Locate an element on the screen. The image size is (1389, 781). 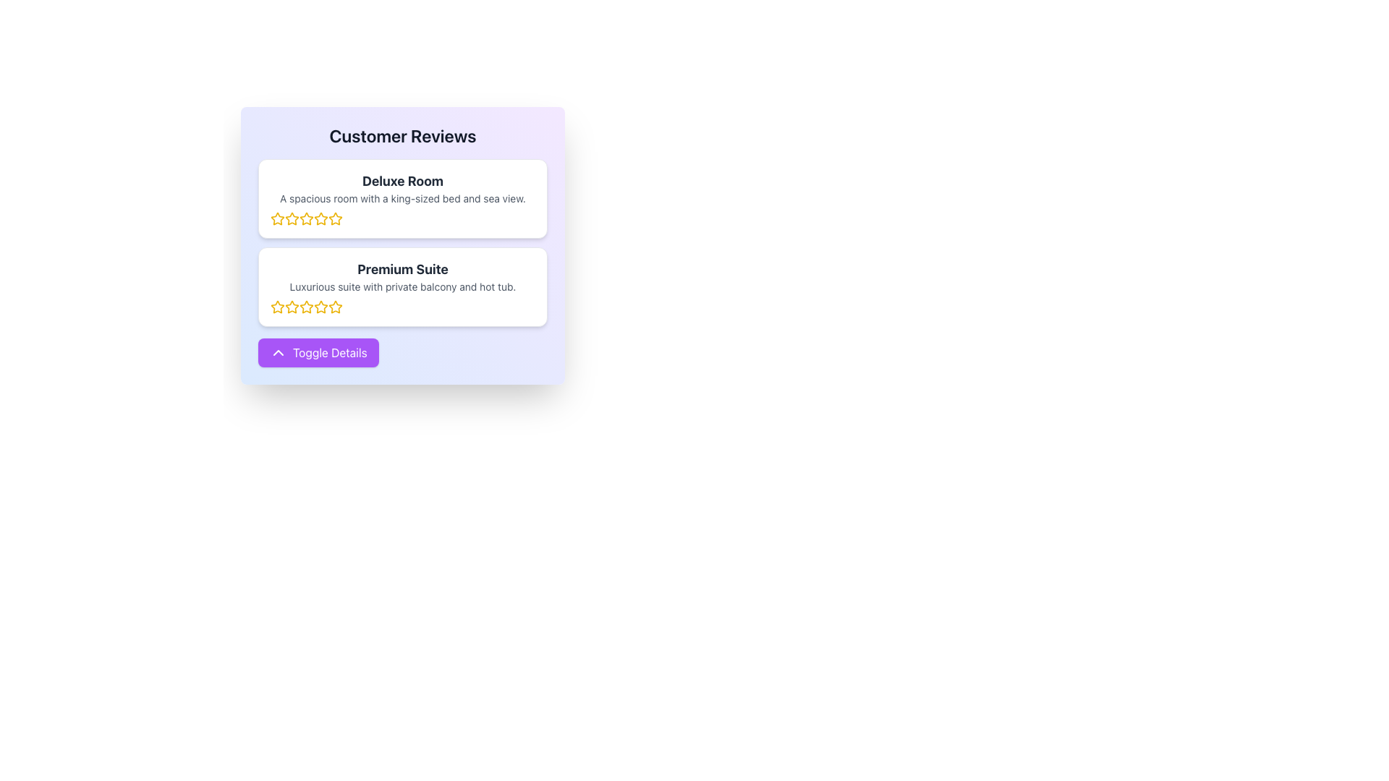
the third yellow star icon used for rating under the 'Premium Suite' section is located at coordinates (291, 306).